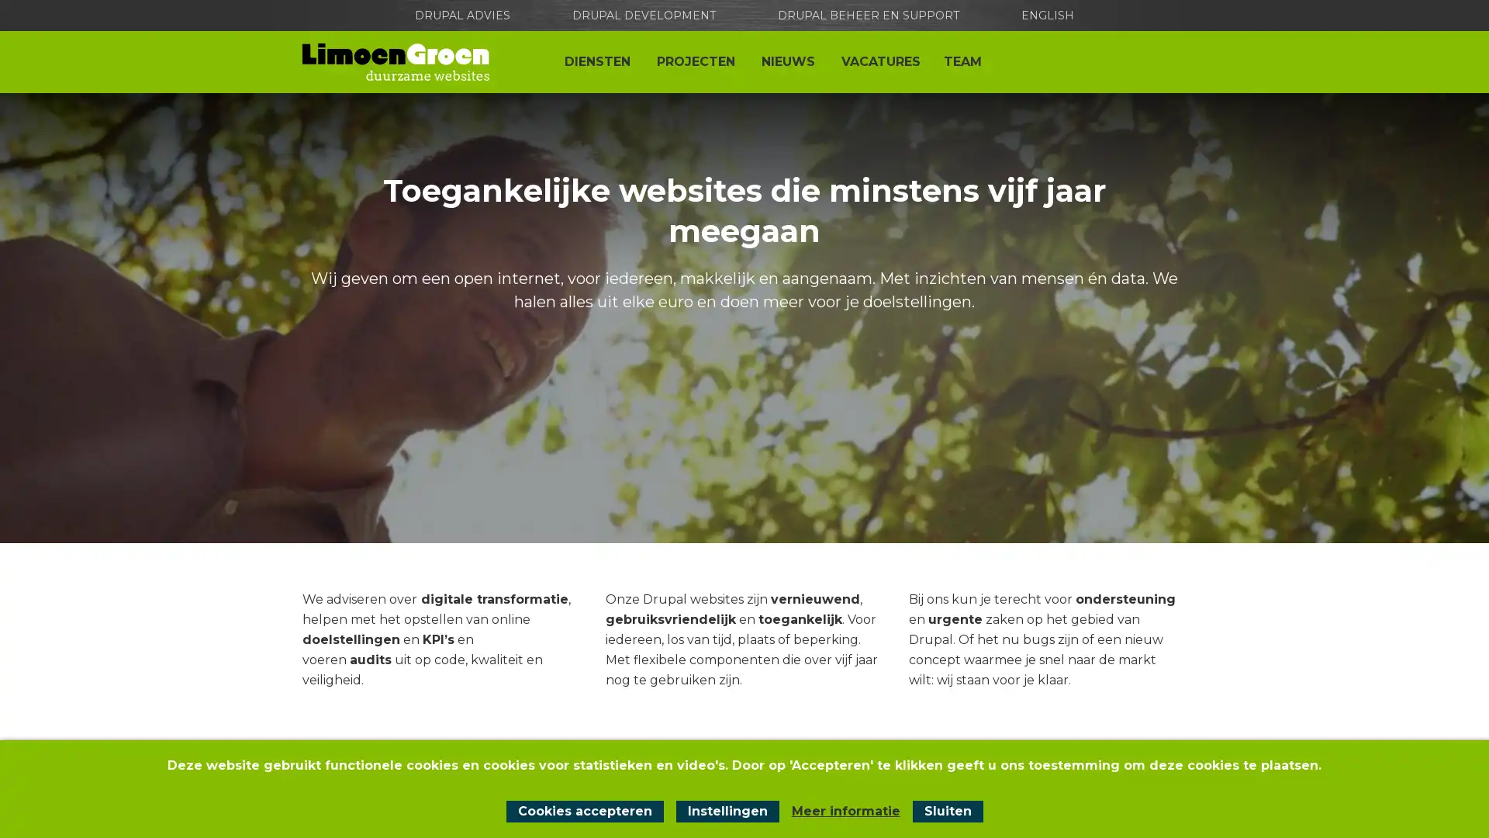  I want to click on Instellingen, so click(726, 810).